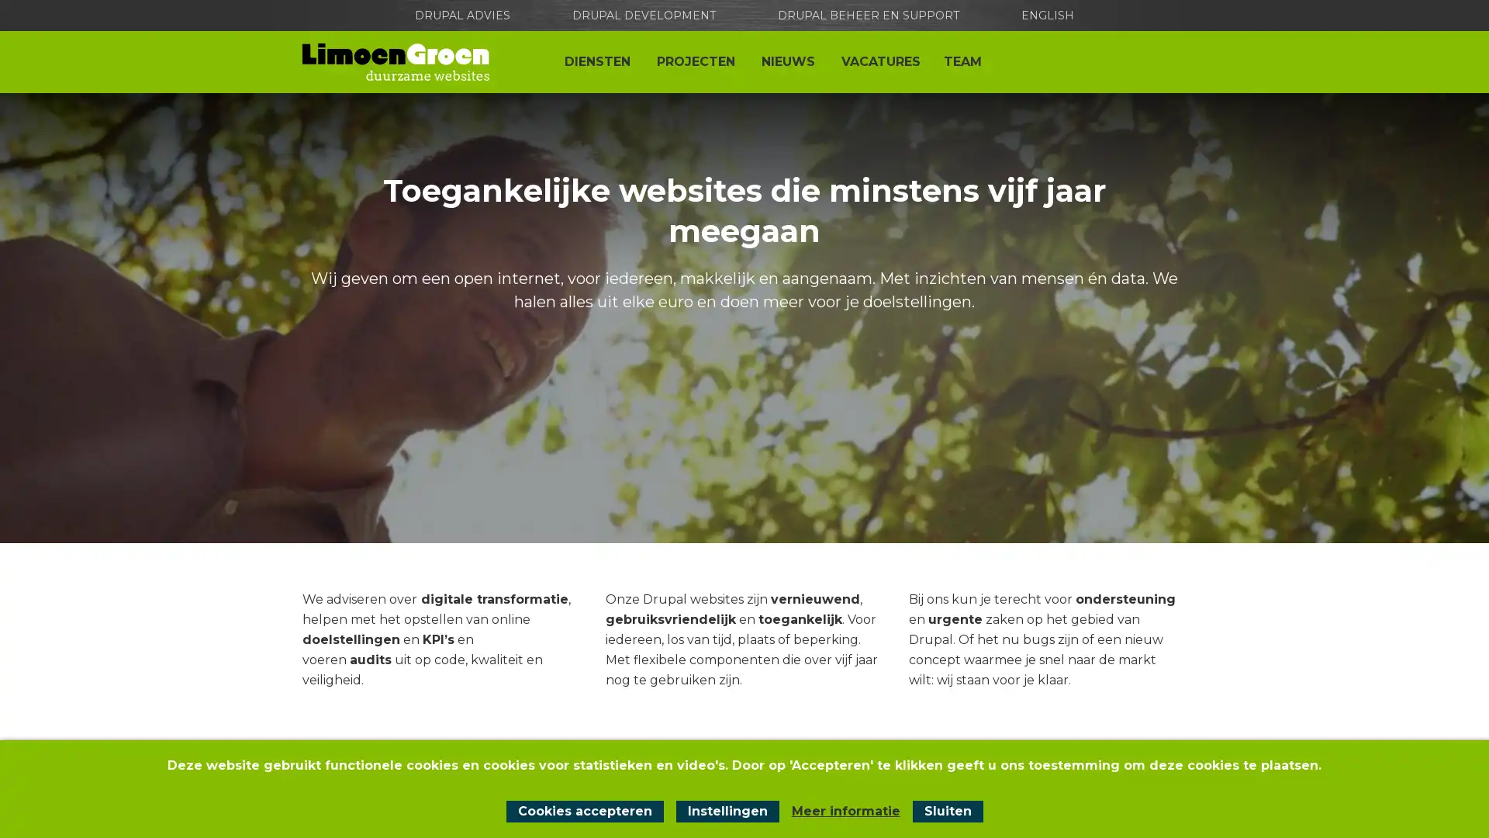  I want to click on Instellingen, so click(726, 810).